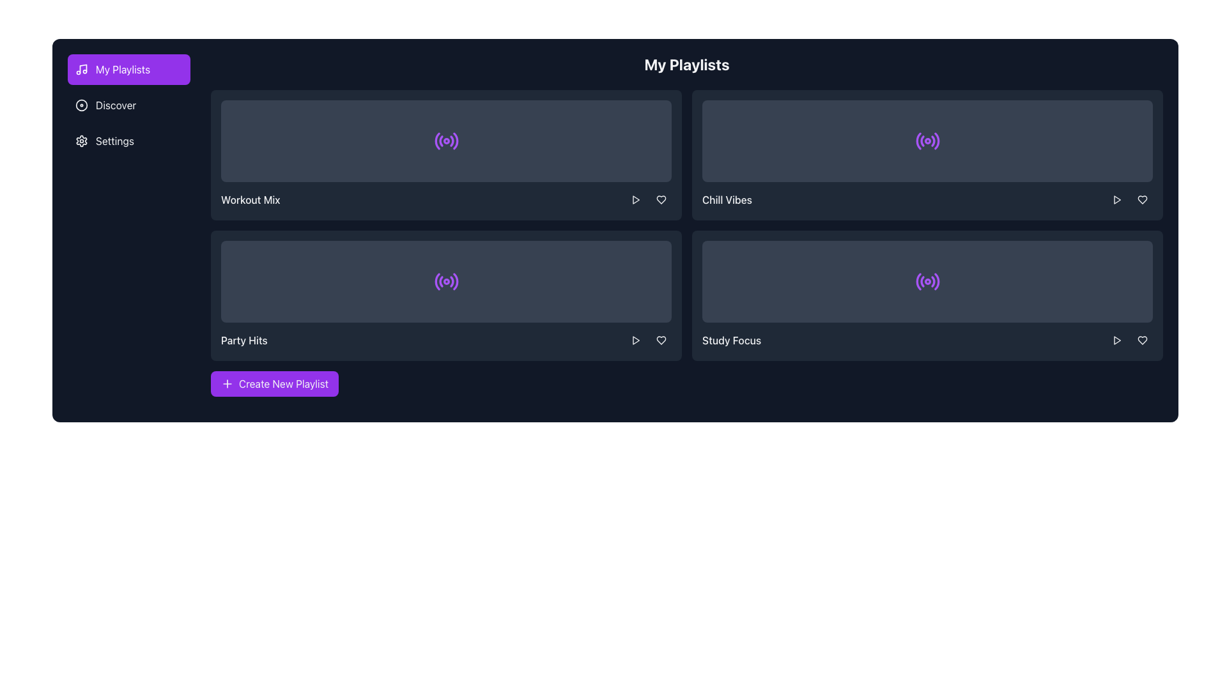 The height and width of the screenshot is (690, 1227). Describe the element at coordinates (661, 339) in the screenshot. I see `the heart-shaped icon button located in the bottom-right corner of the 'Study Focus' tile within the 'My Playlists' section` at that location.